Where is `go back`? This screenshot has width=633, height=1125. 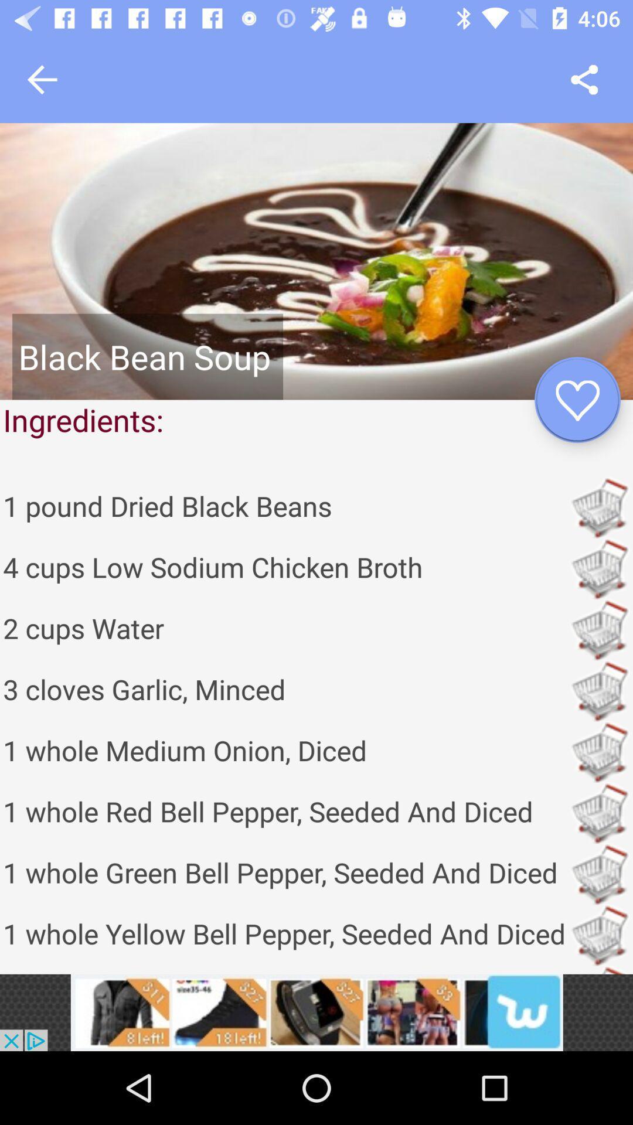 go back is located at coordinates (42, 79).